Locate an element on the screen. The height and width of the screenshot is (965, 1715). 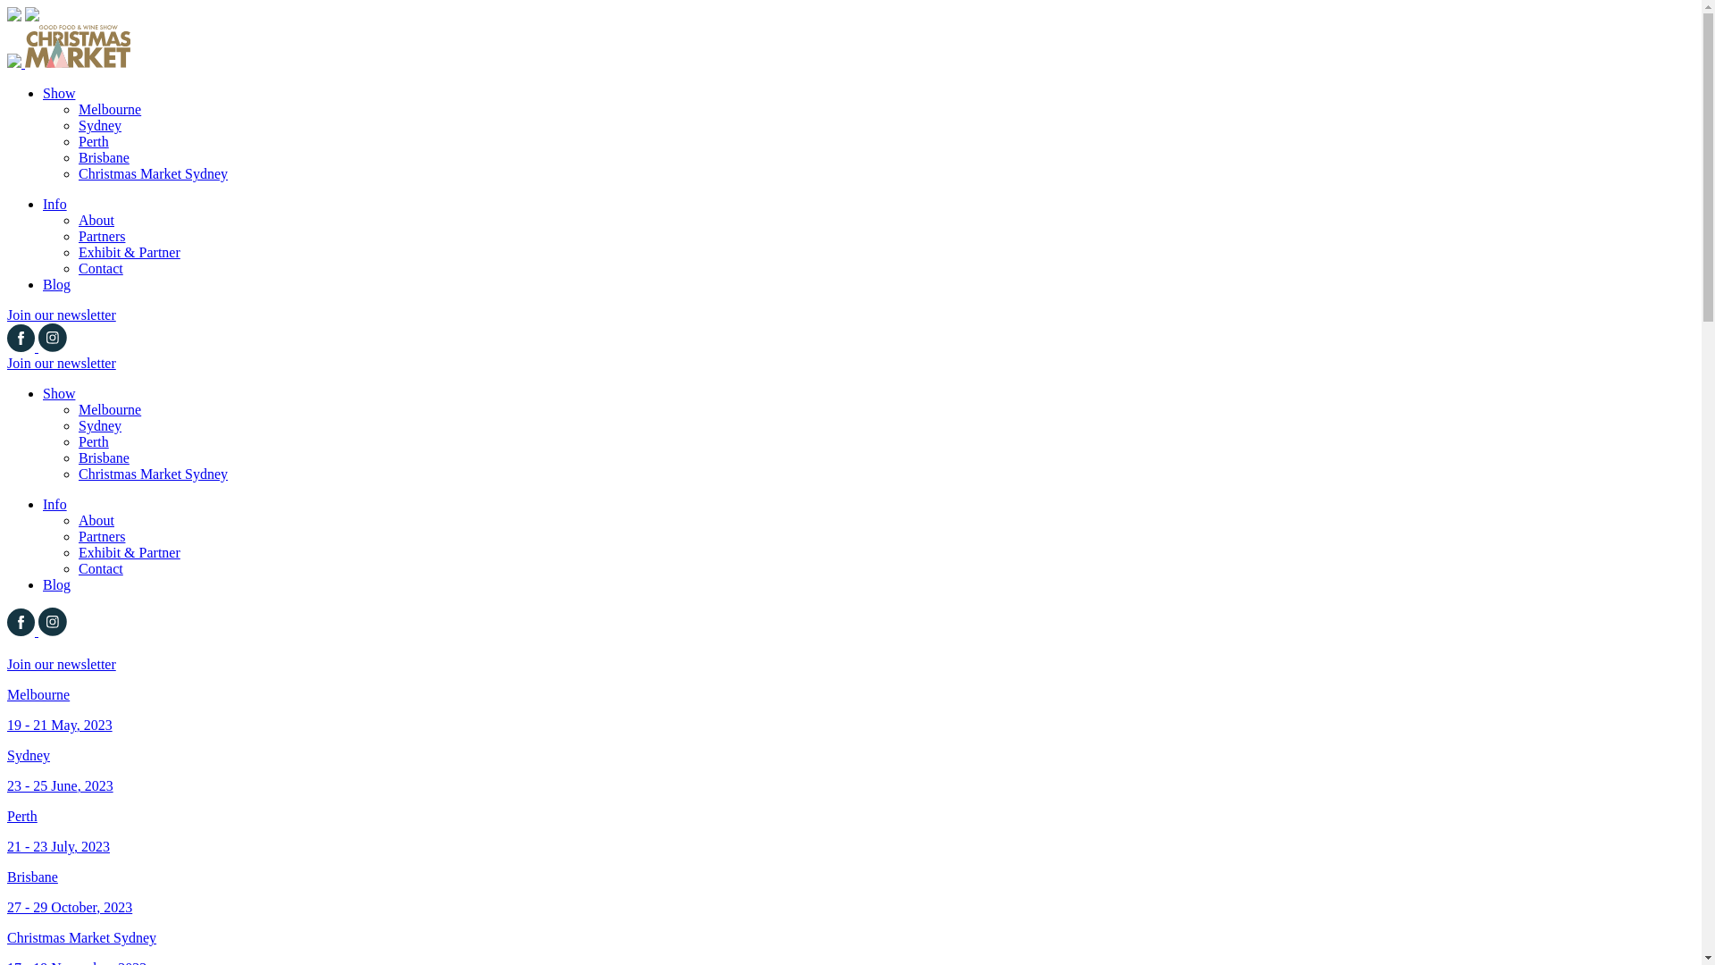
'Show' is located at coordinates (59, 93).